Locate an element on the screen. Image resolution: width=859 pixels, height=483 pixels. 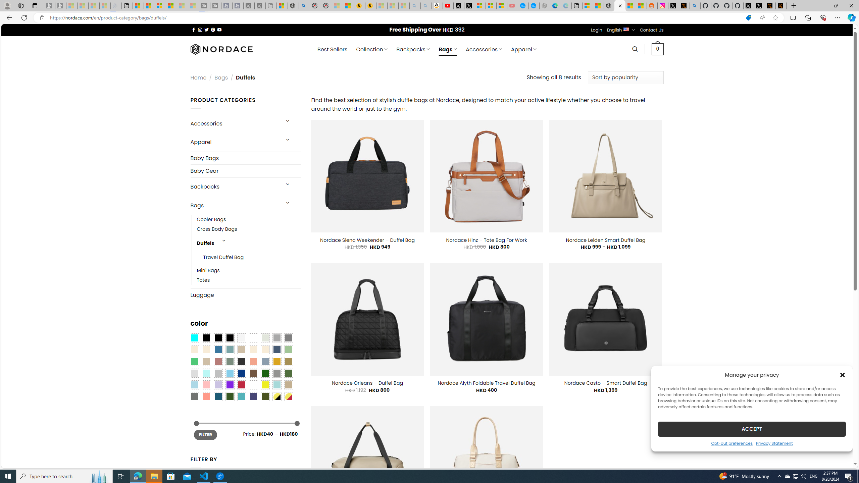
'Shanghai, China Weather trends | Microsoft Weather' is located at coordinates (641, 5).